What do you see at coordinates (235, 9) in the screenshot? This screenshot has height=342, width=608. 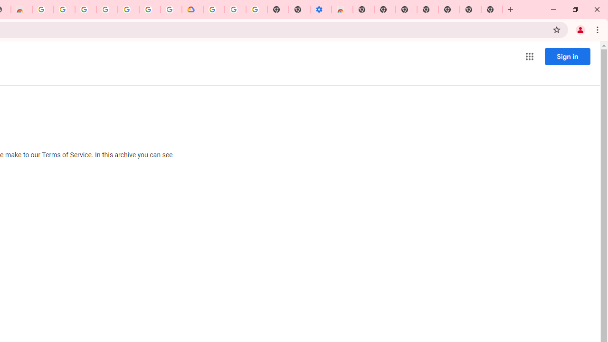 I see `'Google Account Help'` at bounding box center [235, 9].